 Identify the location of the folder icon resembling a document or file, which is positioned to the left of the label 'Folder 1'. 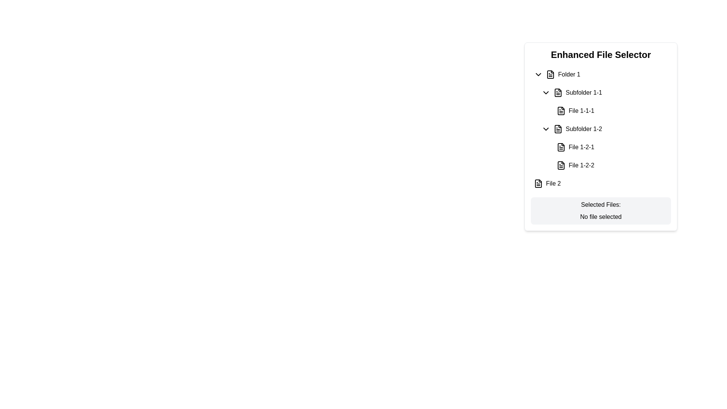
(551, 74).